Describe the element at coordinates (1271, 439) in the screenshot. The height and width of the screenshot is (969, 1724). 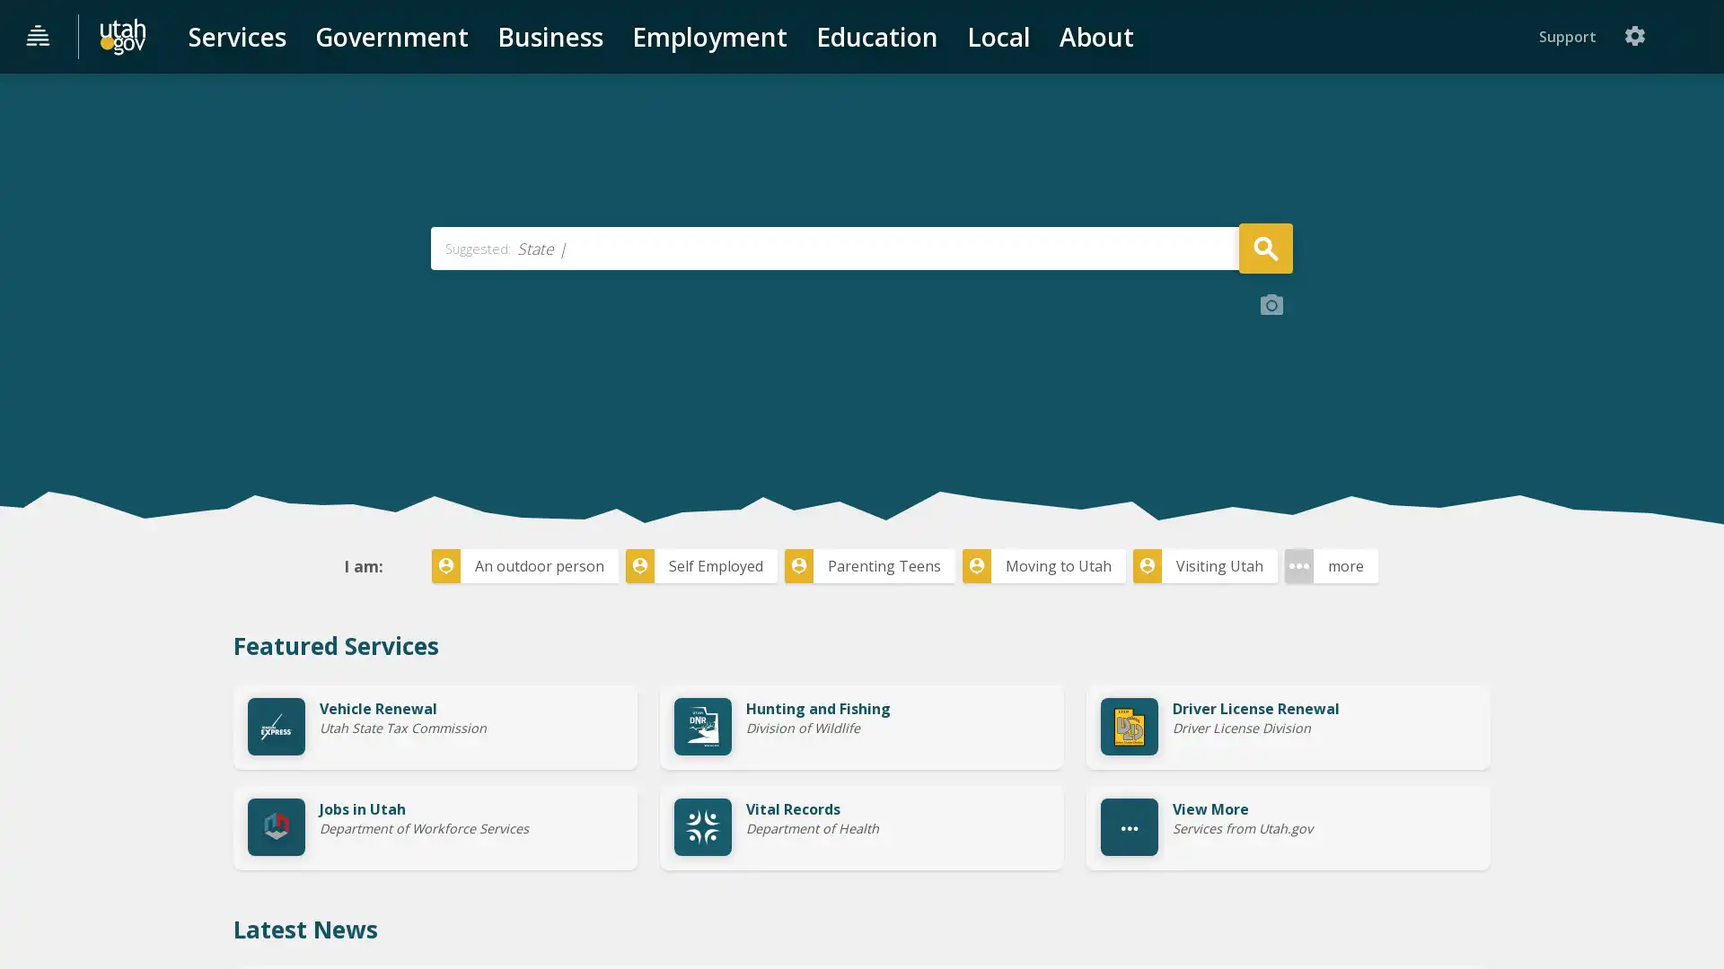
I see `Background image info` at that location.